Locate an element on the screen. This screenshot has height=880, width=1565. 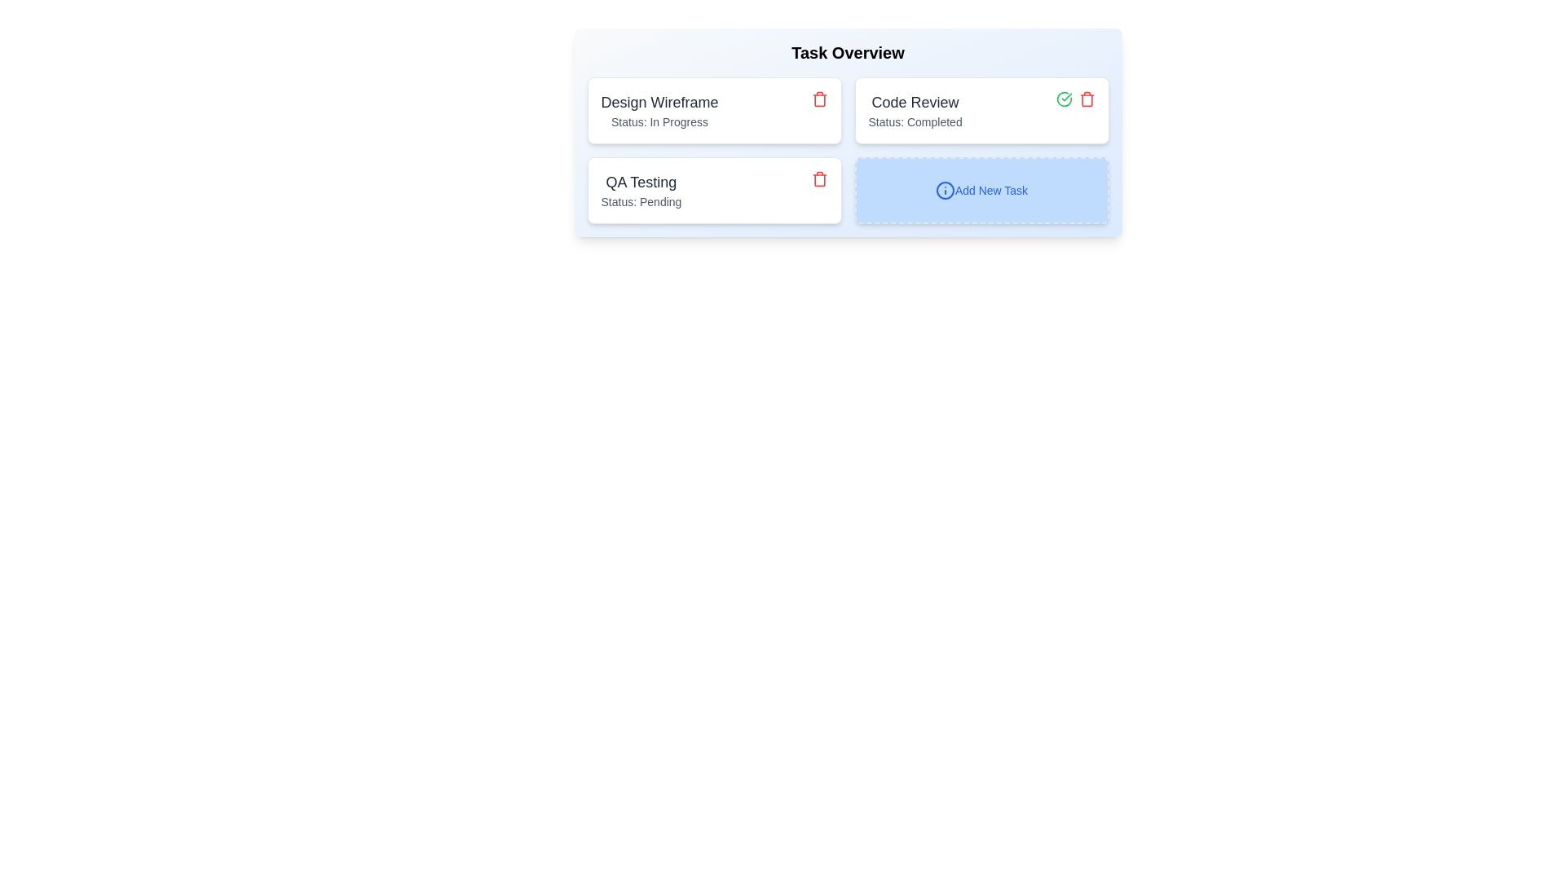
the trash icon for the task titled 'Code Review' to remove it is located at coordinates (1087, 99).